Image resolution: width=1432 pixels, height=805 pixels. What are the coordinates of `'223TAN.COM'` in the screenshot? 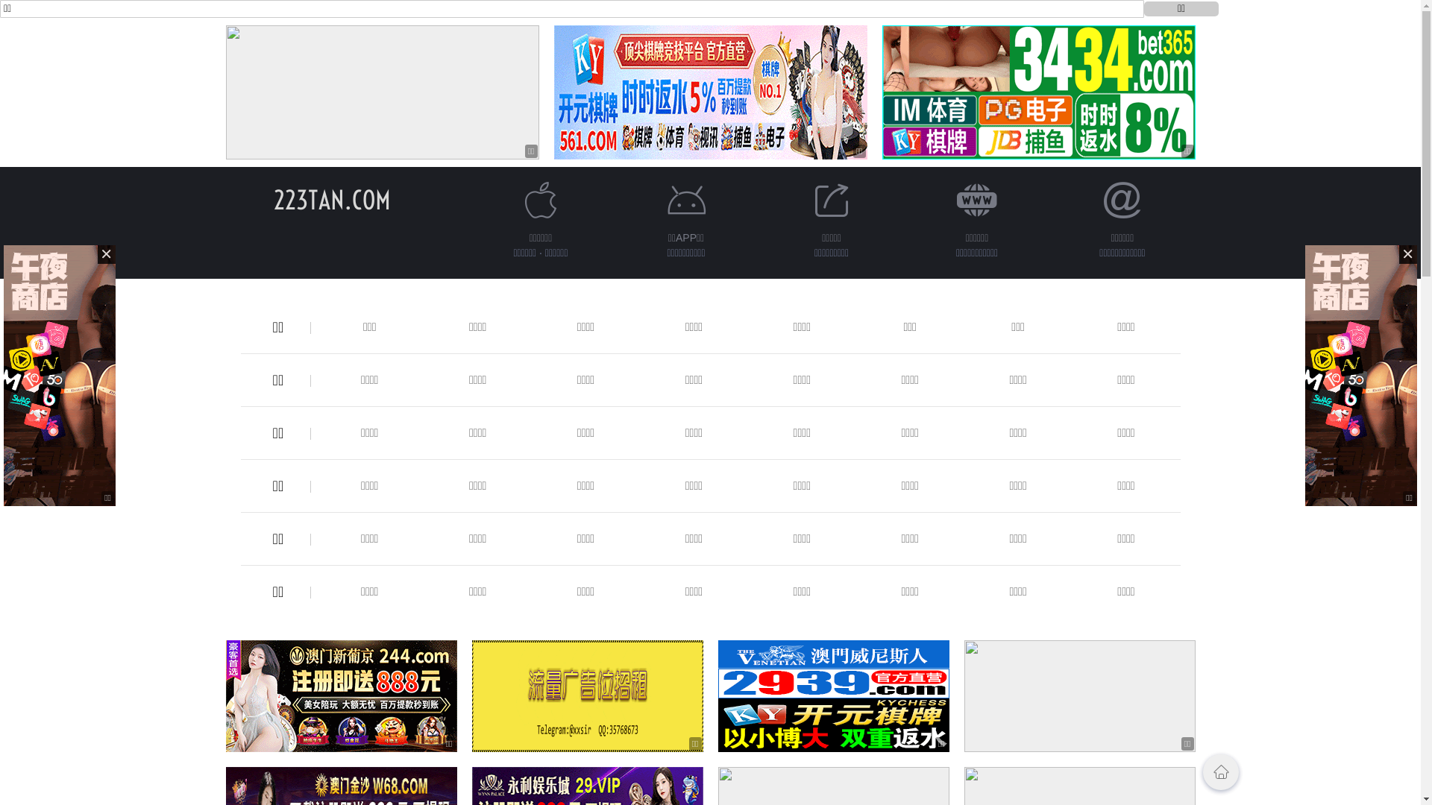 It's located at (331, 199).